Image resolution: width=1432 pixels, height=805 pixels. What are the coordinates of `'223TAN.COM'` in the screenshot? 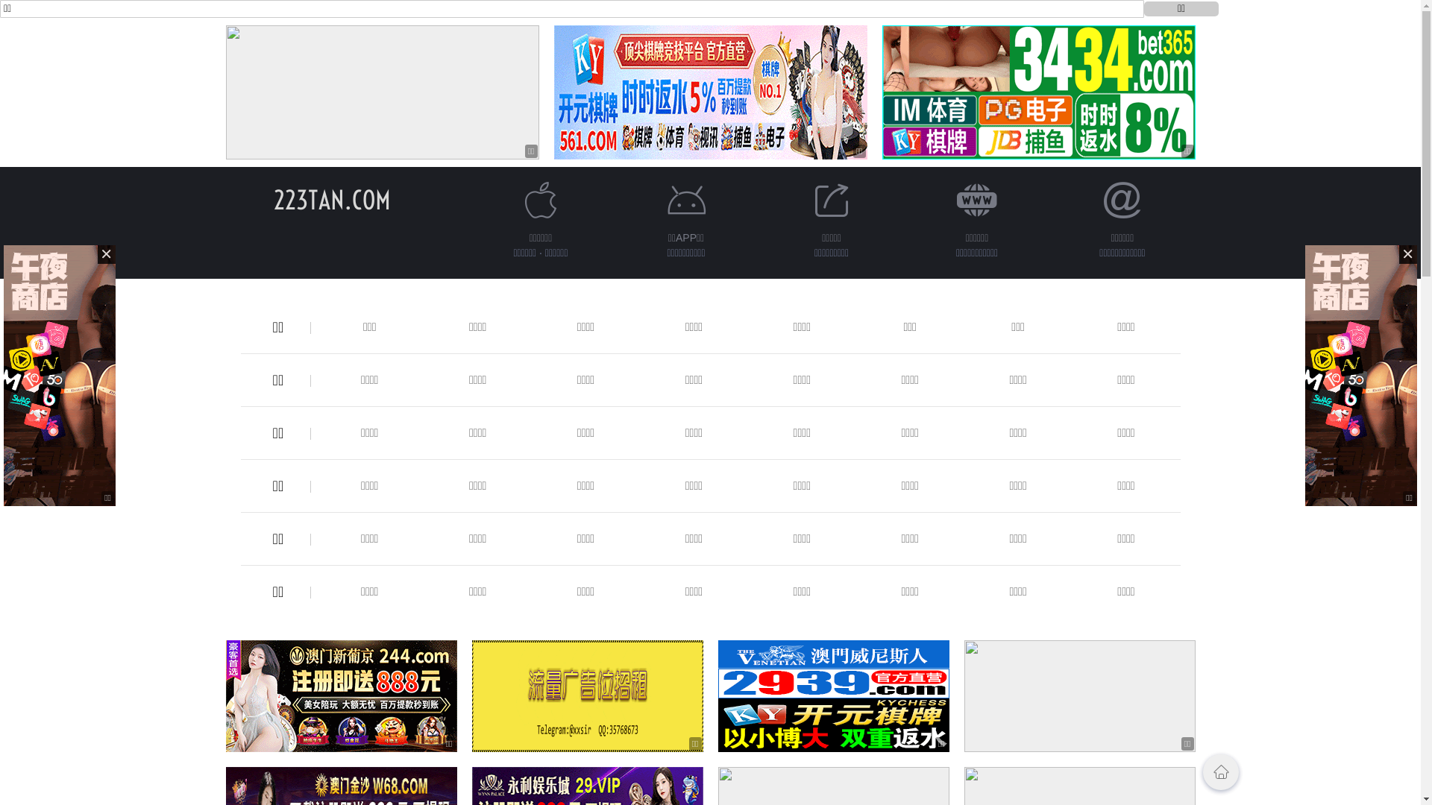 It's located at (331, 199).